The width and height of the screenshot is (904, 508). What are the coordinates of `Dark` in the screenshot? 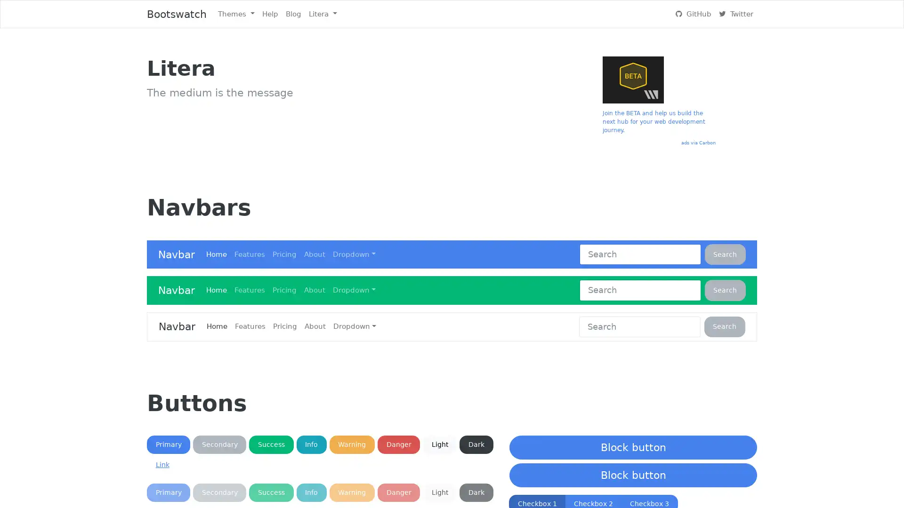 It's located at (476, 444).